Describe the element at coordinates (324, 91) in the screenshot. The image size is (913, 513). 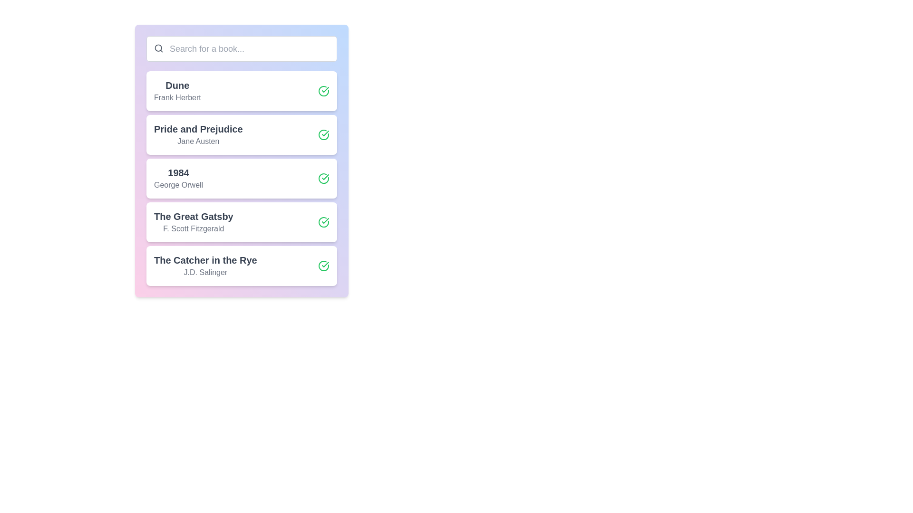
I see `the green circular icon with a checkmark inside, located to the far right of the list item labeled 'Dune' by 'Frank Herbert'` at that location.